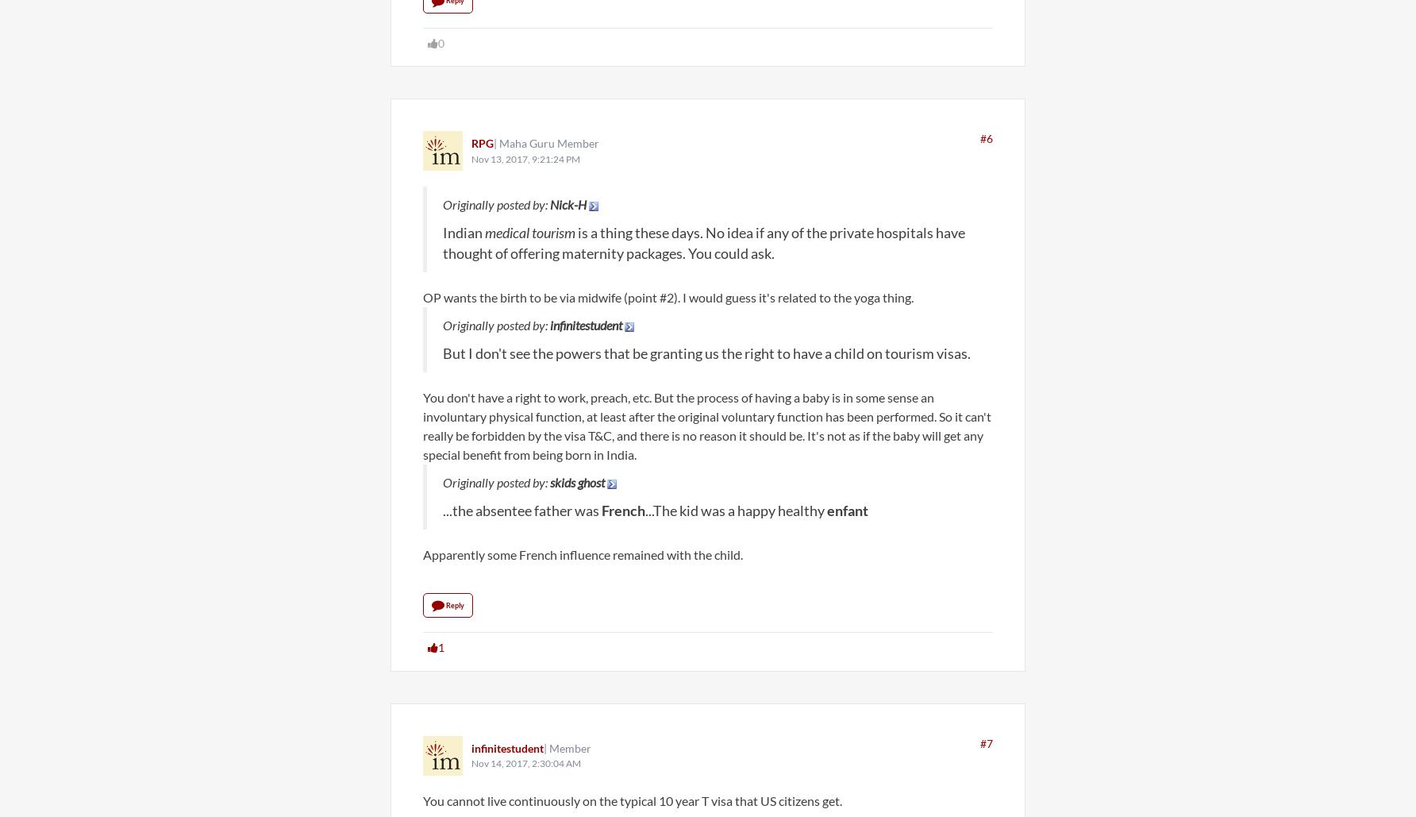  I want to click on 'You don't have a right to work, preach, etc. But the process of having a baby is in some sense an involuntary physical function, at least after the original voluntary function has been performed. So it can't really be forbidden by the visa T&C, and there is no reason it should be. It's not as if the baby will get any special benefit from being born in India.', so click(706, 425).